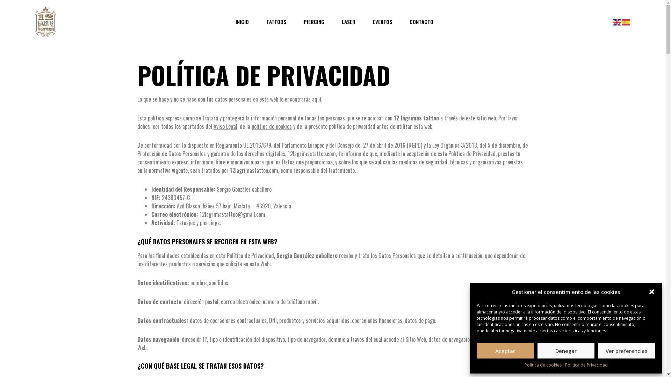  Describe the element at coordinates (242, 21) in the screenshot. I see `'INICIO'` at that location.